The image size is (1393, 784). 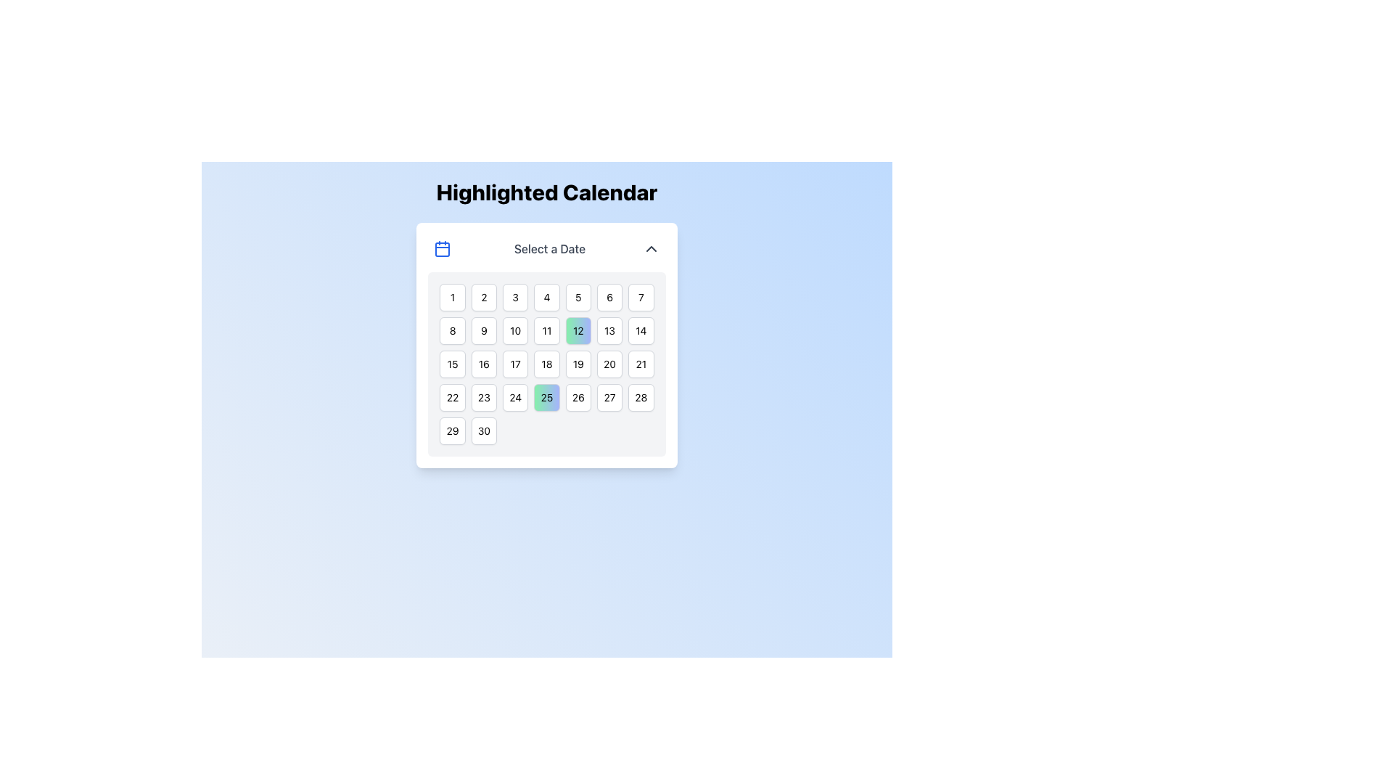 What do you see at coordinates (452, 397) in the screenshot?
I see `the small square button labeled '22' with a white background and gray border` at bounding box center [452, 397].